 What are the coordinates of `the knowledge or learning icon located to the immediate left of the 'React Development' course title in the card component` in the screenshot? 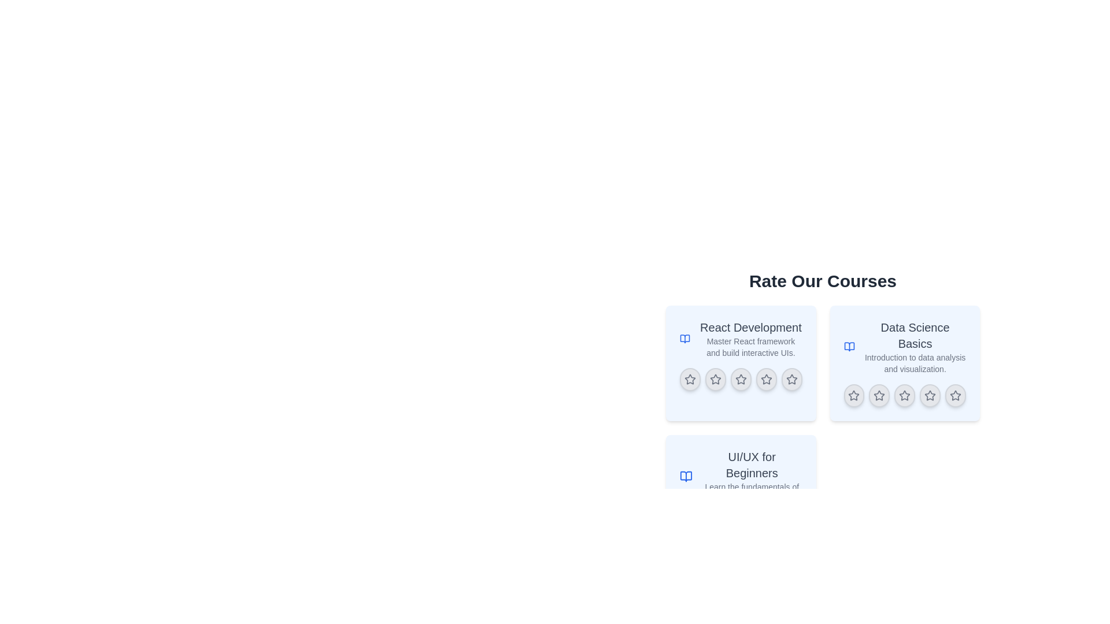 It's located at (685, 338).